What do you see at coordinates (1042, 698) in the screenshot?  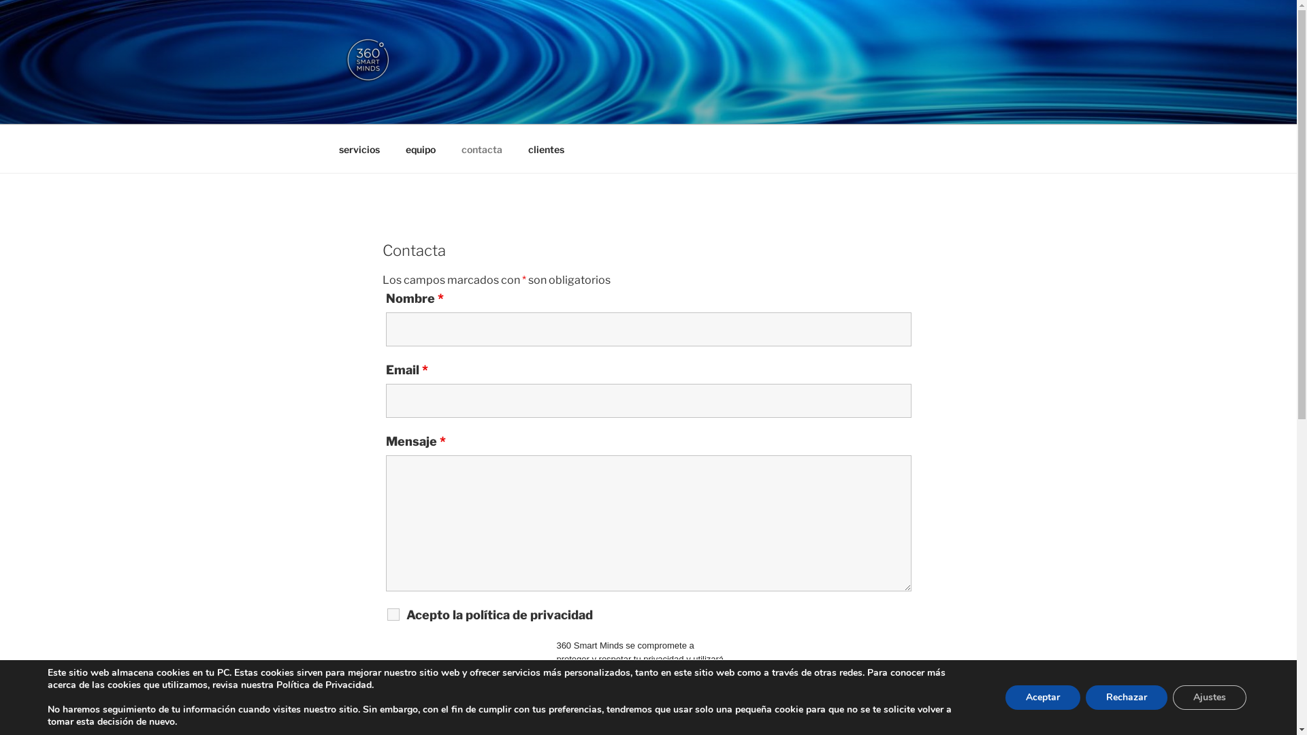 I see `'Aceptar'` at bounding box center [1042, 698].